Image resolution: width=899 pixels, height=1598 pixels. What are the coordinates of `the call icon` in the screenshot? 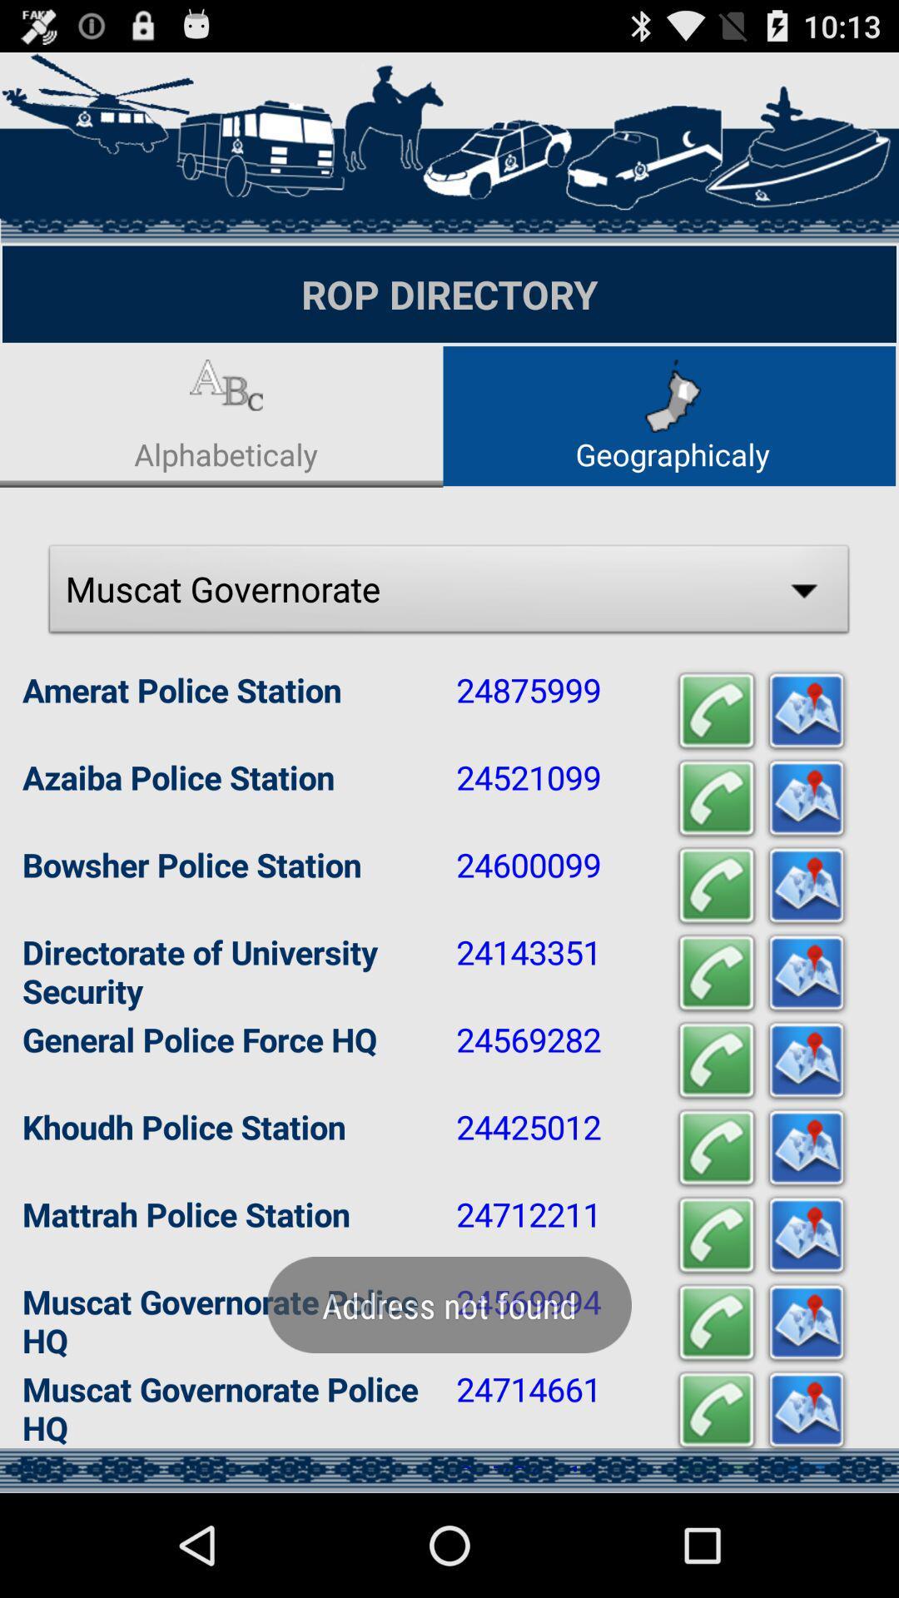 It's located at (715, 1228).